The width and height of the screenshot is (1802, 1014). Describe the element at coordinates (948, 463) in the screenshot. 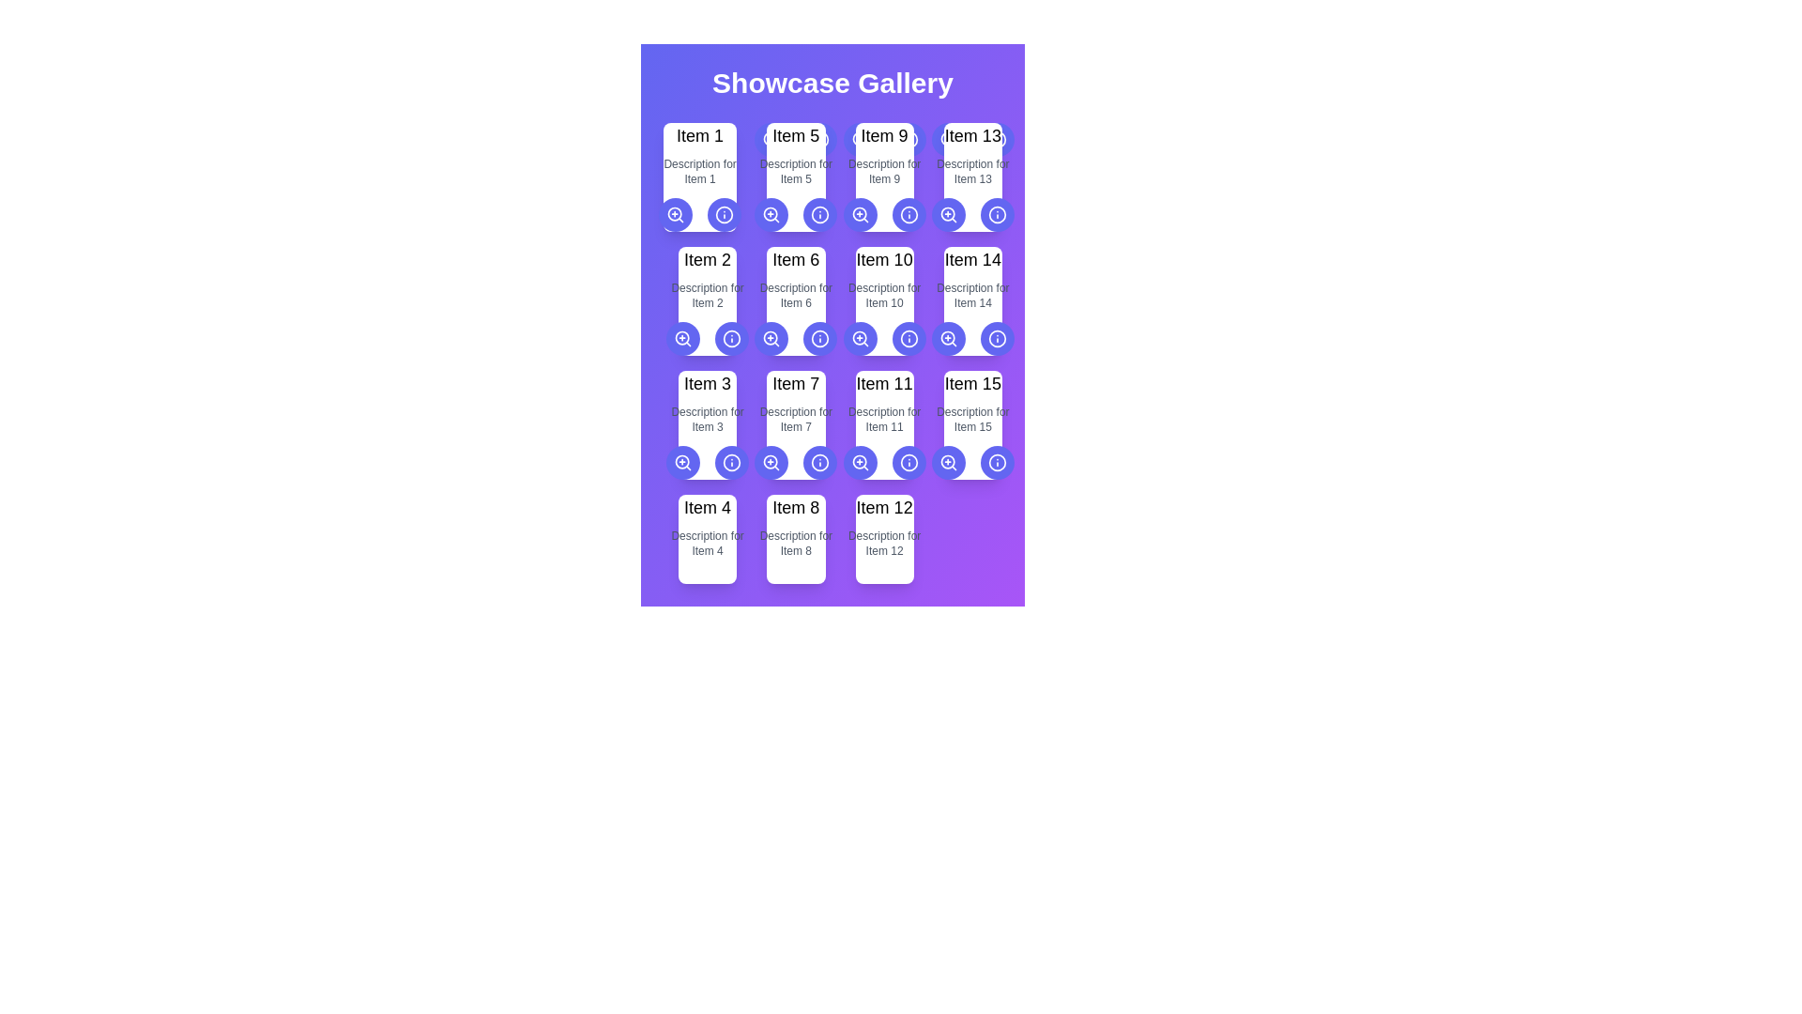

I see `the zoom-in magnifying glass icon button located in the bottom right corner of the 'Item 15' card` at that location.